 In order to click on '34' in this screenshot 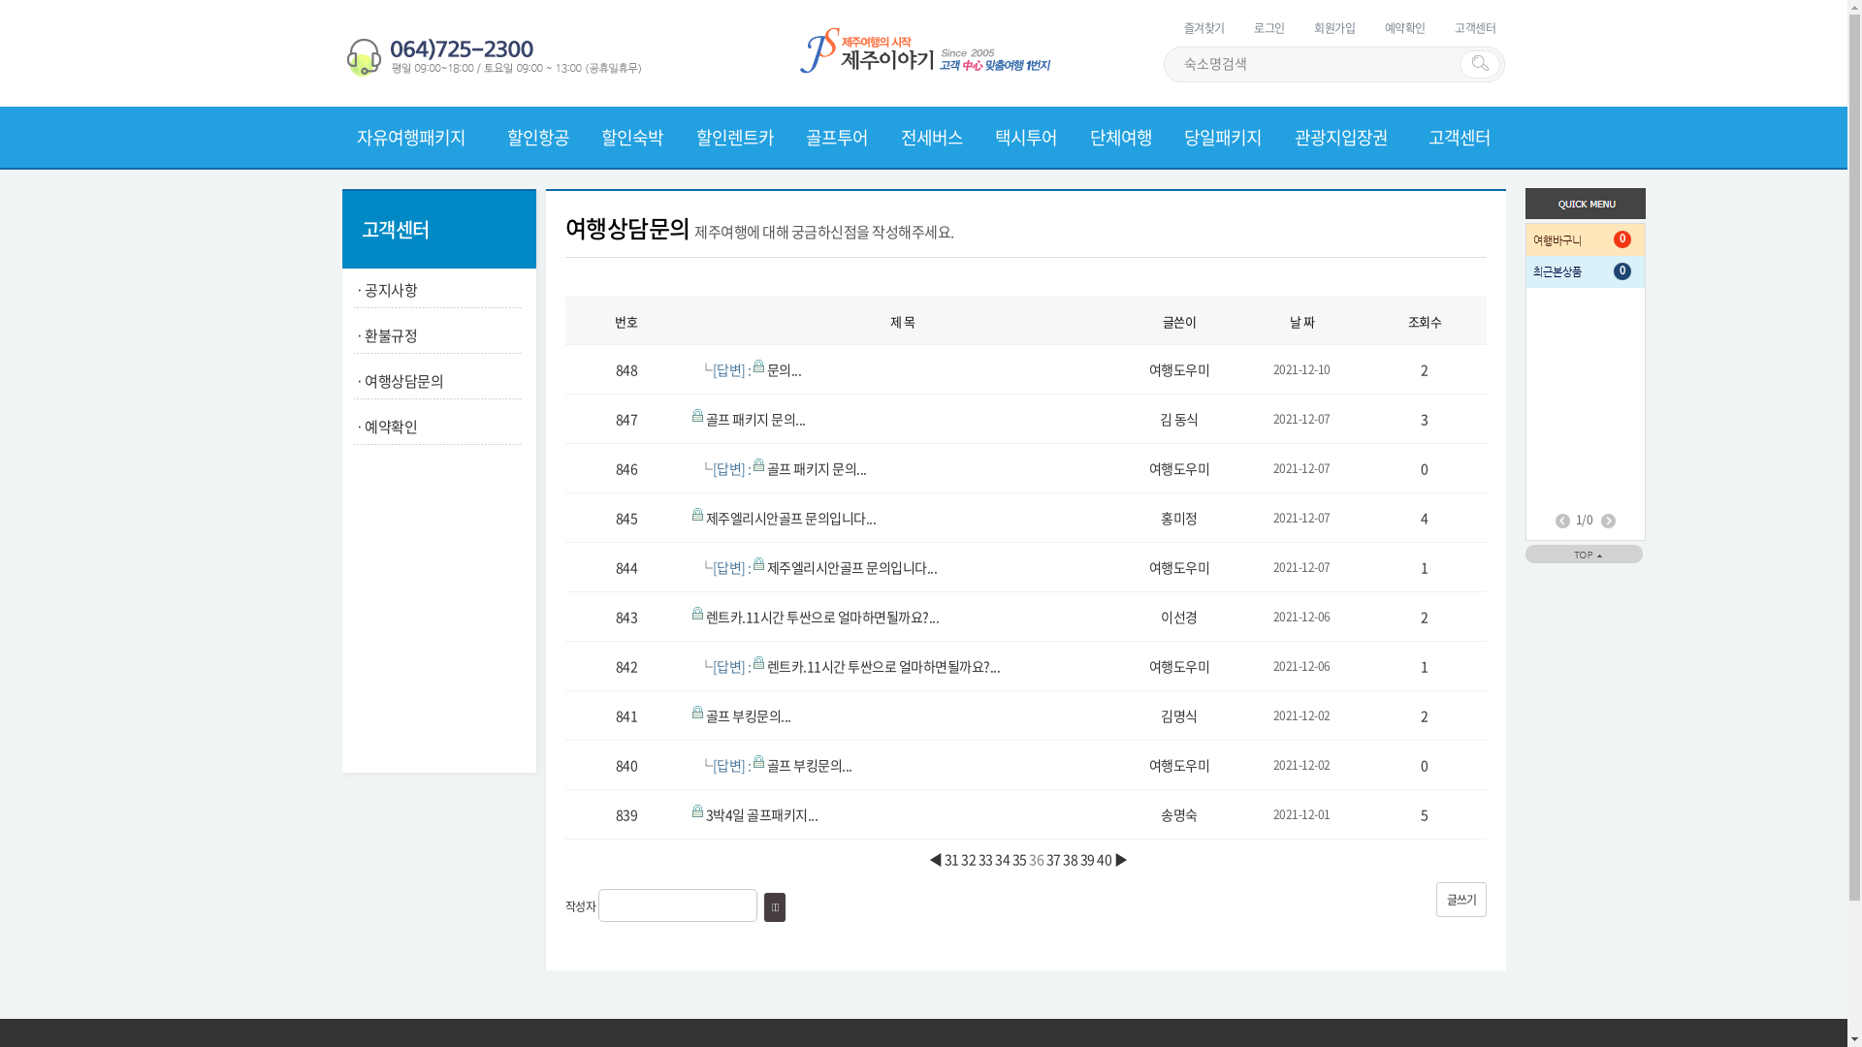, I will do `click(995, 858)`.